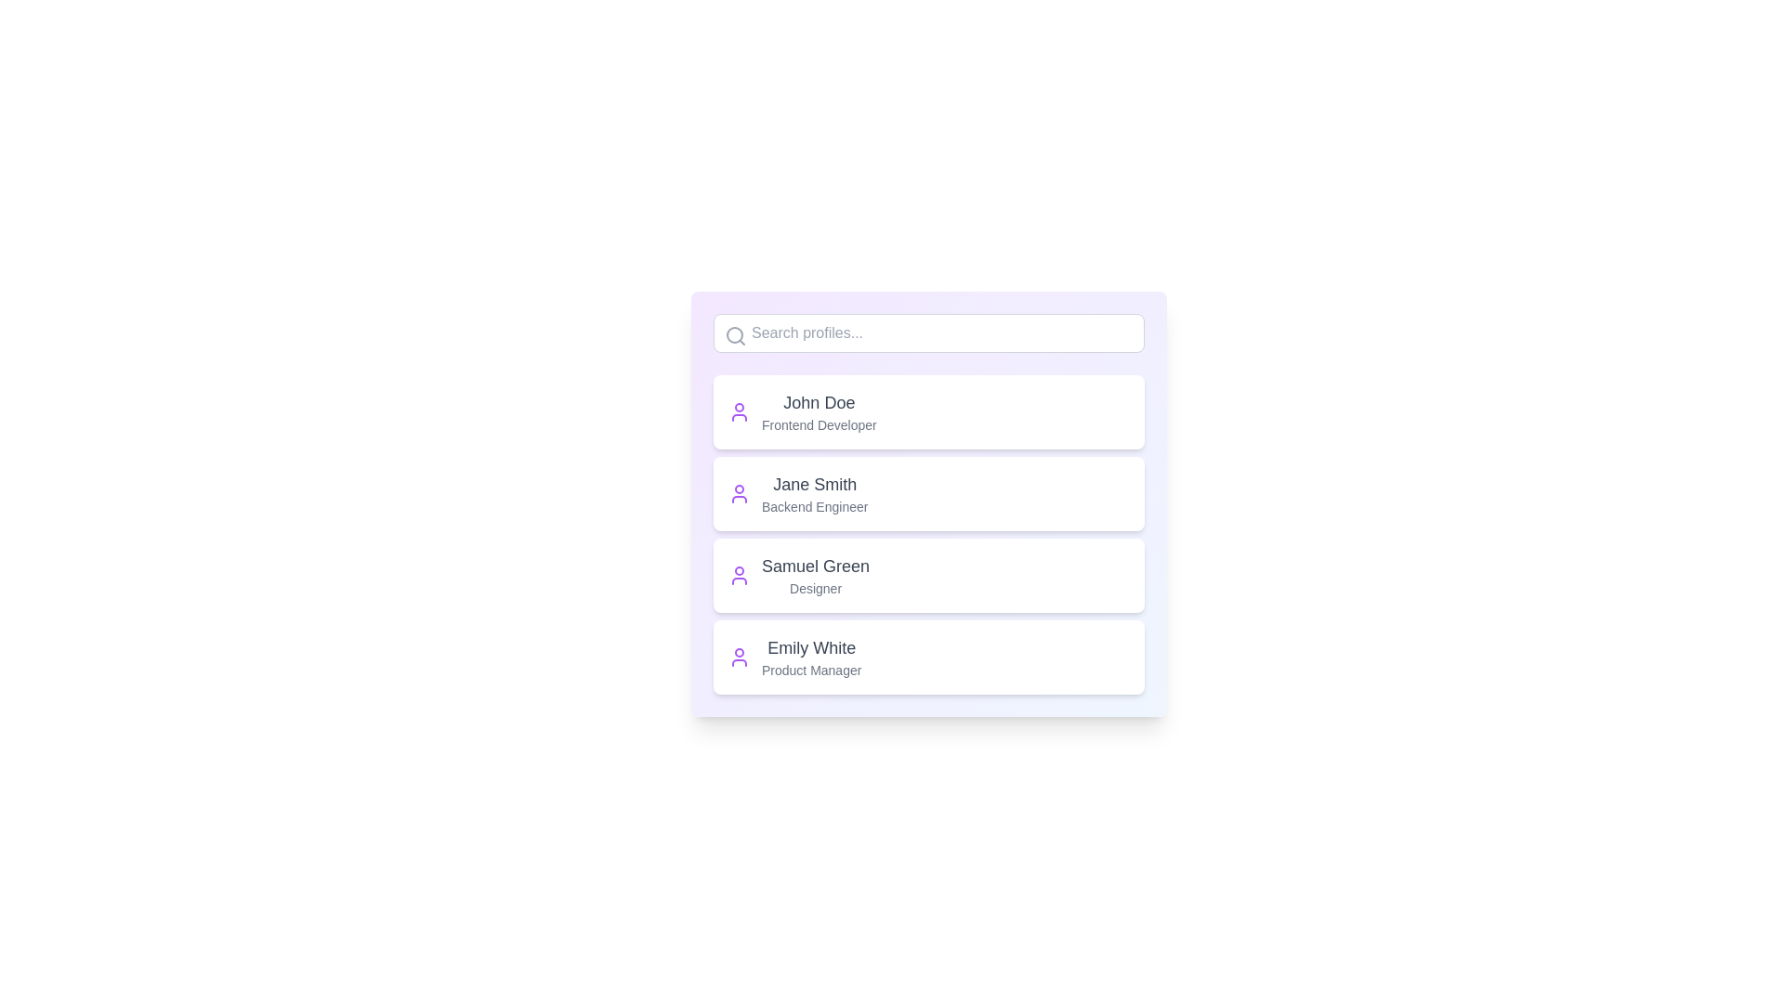 The image size is (1784, 1003). Describe the element at coordinates (815, 507) in the screenshot. I see `'Backend Engineer' text label located below the 'Jane Smith' text in the second profile card from the top in the list of profiles` at that location.